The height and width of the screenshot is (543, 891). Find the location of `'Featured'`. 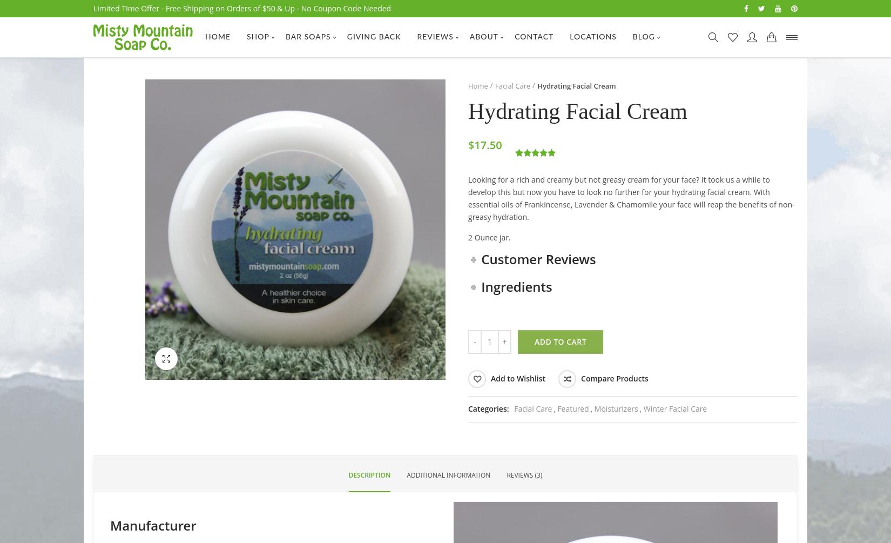

'Featured' is located at coordinates (572, 408).